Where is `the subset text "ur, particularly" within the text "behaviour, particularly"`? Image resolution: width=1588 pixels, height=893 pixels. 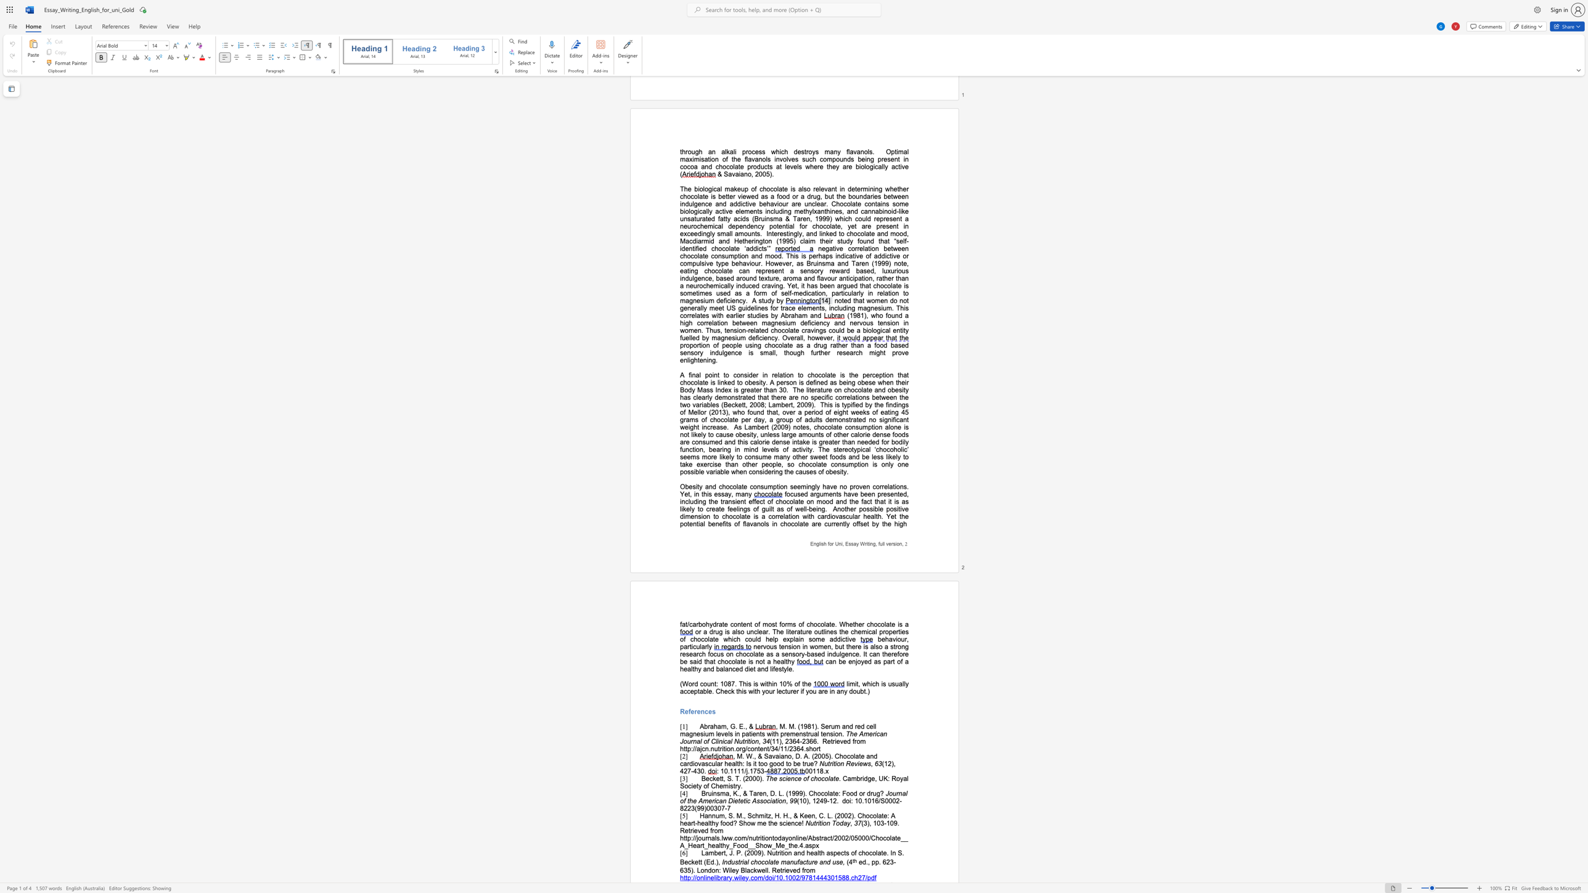
the subset text "ur, particularly" within the text "behaviour, particularly" is located at coordinates (900, 638).